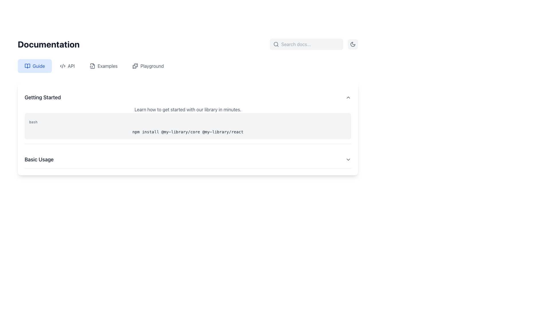 Image resolution: width=550 pixels, height=309 pixels. I want to click on the navigation button labeled 'Examples', which is the third option in the horizontal navigation bar beneath the 'Documentation' heading, so click(103, 66).